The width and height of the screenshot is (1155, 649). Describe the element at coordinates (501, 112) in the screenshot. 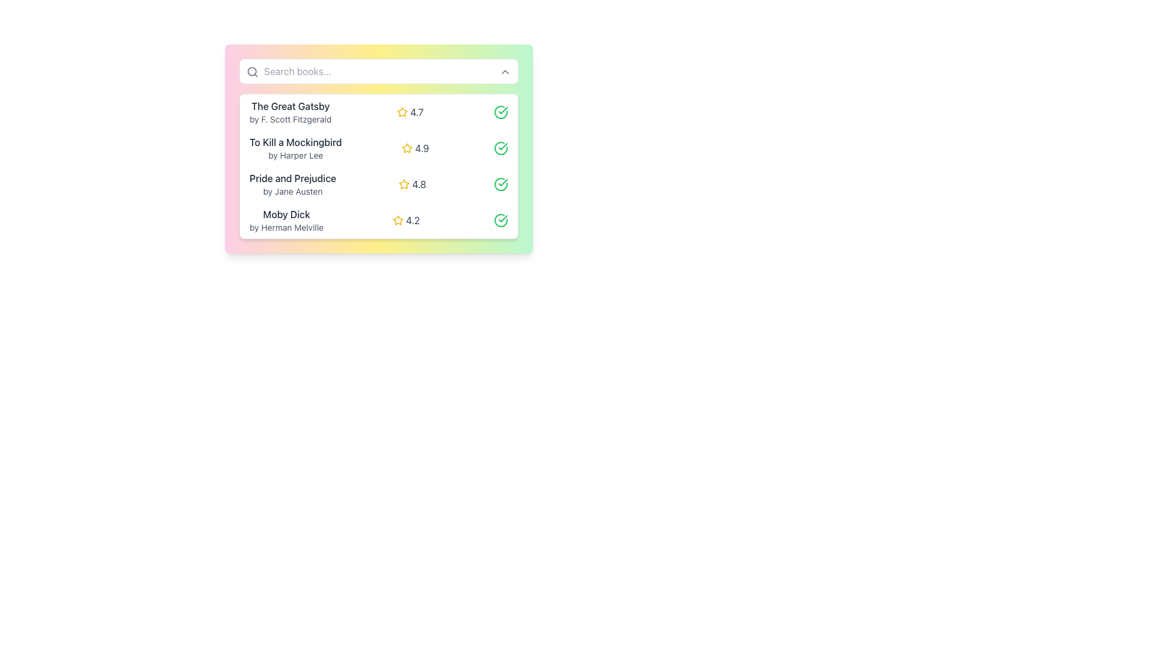

I see `the positive status icon located at the rightmost position in the row containing 'The Great Gatsby by F. Scott Fitzgerald' and the rating '4.7'` at that location.